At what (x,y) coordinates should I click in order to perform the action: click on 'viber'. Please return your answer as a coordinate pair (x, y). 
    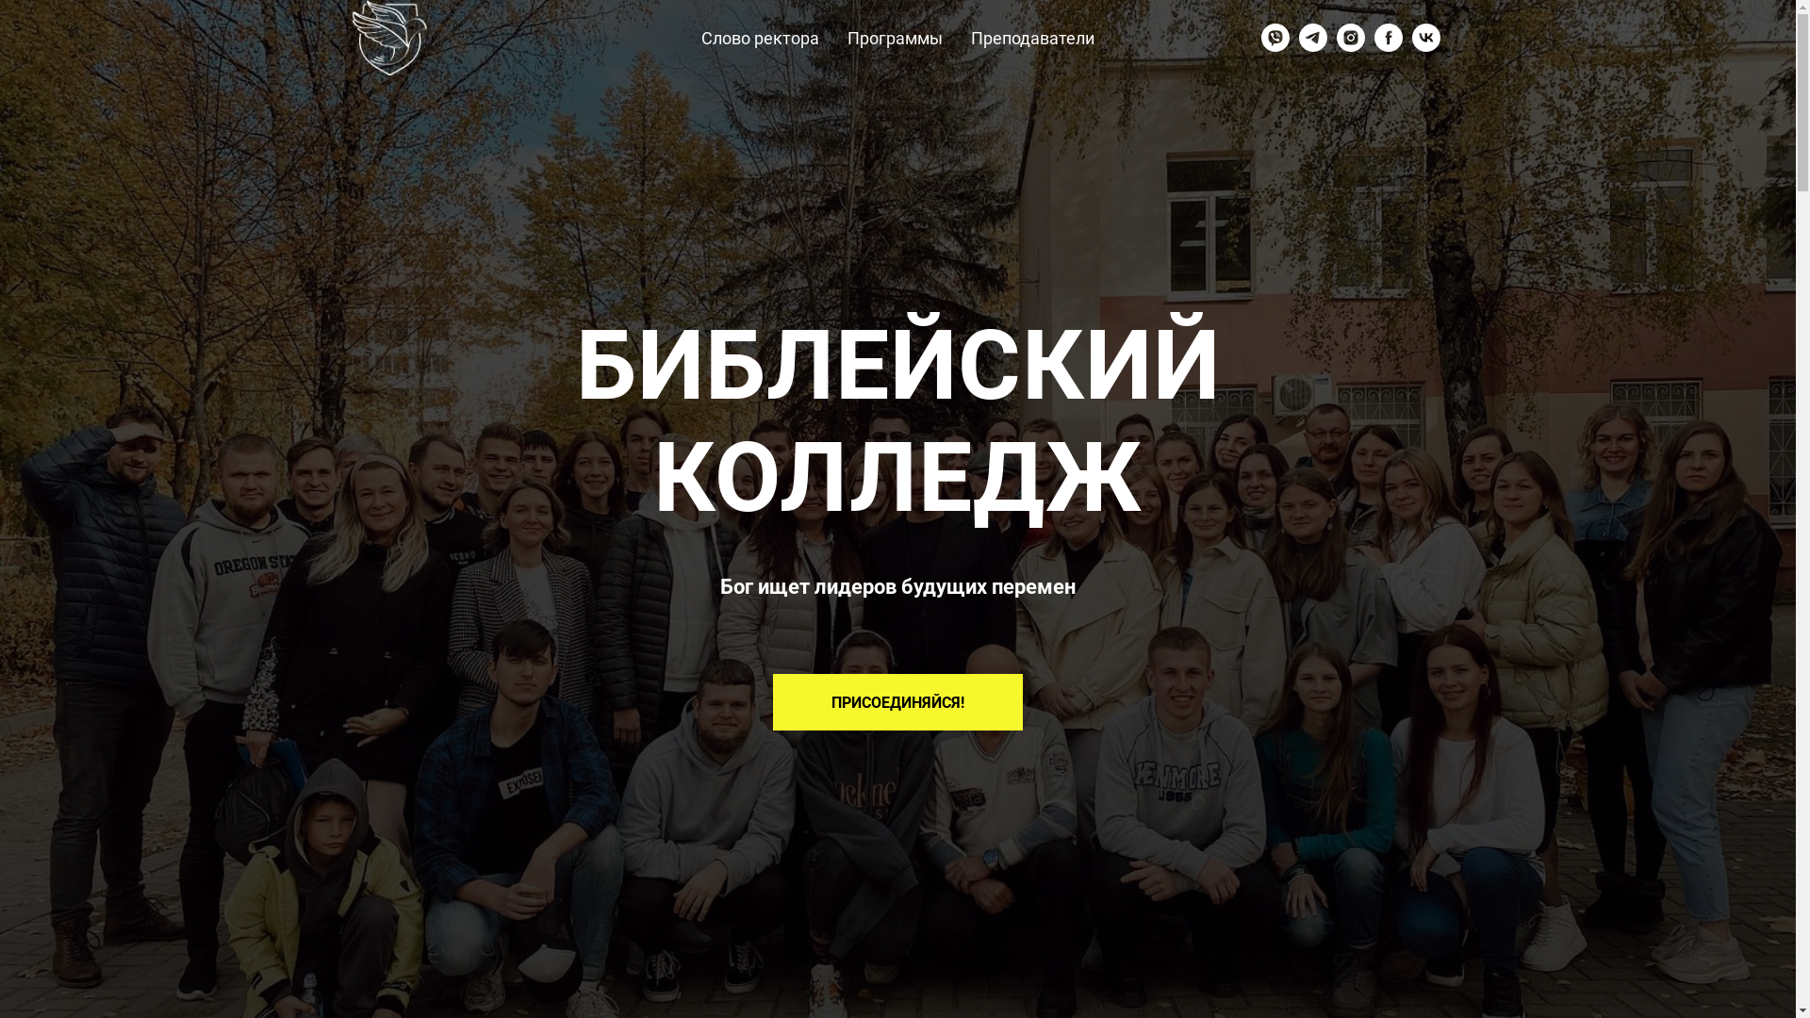
    Looking at the image, I should click on (1275, 37).